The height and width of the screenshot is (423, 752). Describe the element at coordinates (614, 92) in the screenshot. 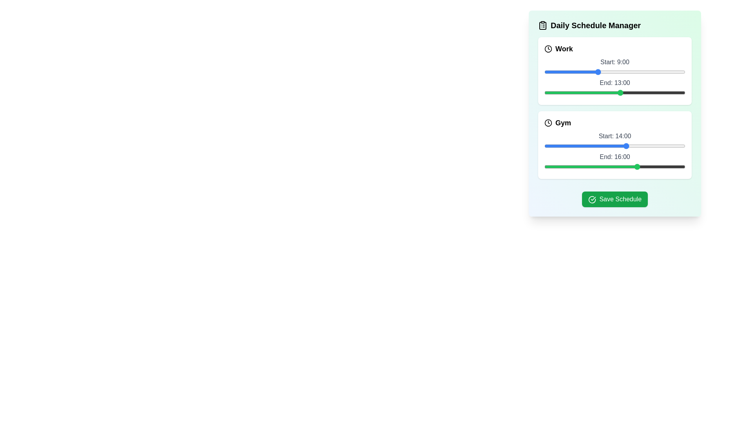

I see `the end time of the task to 12 hours using the slider` at that location.